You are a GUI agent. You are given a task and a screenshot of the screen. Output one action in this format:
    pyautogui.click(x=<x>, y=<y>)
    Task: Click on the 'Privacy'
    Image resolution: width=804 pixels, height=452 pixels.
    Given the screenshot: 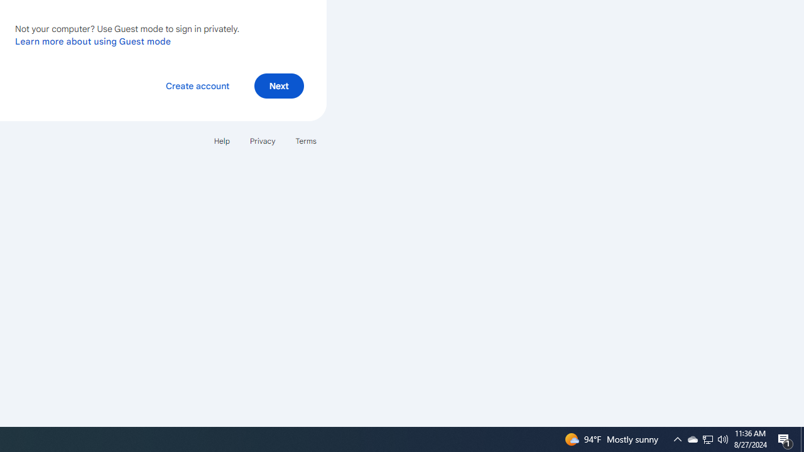 What is the action you would take?
    pyautogui.click(x=261, y=141)
    